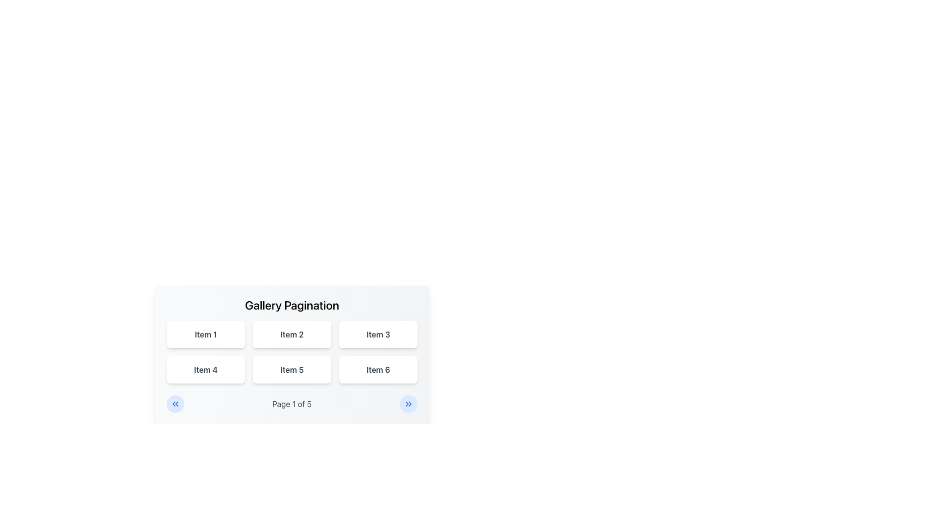 This screenshot has height=529, width=941. I want to click on the fourth card in the grid view, so click(205, 370).